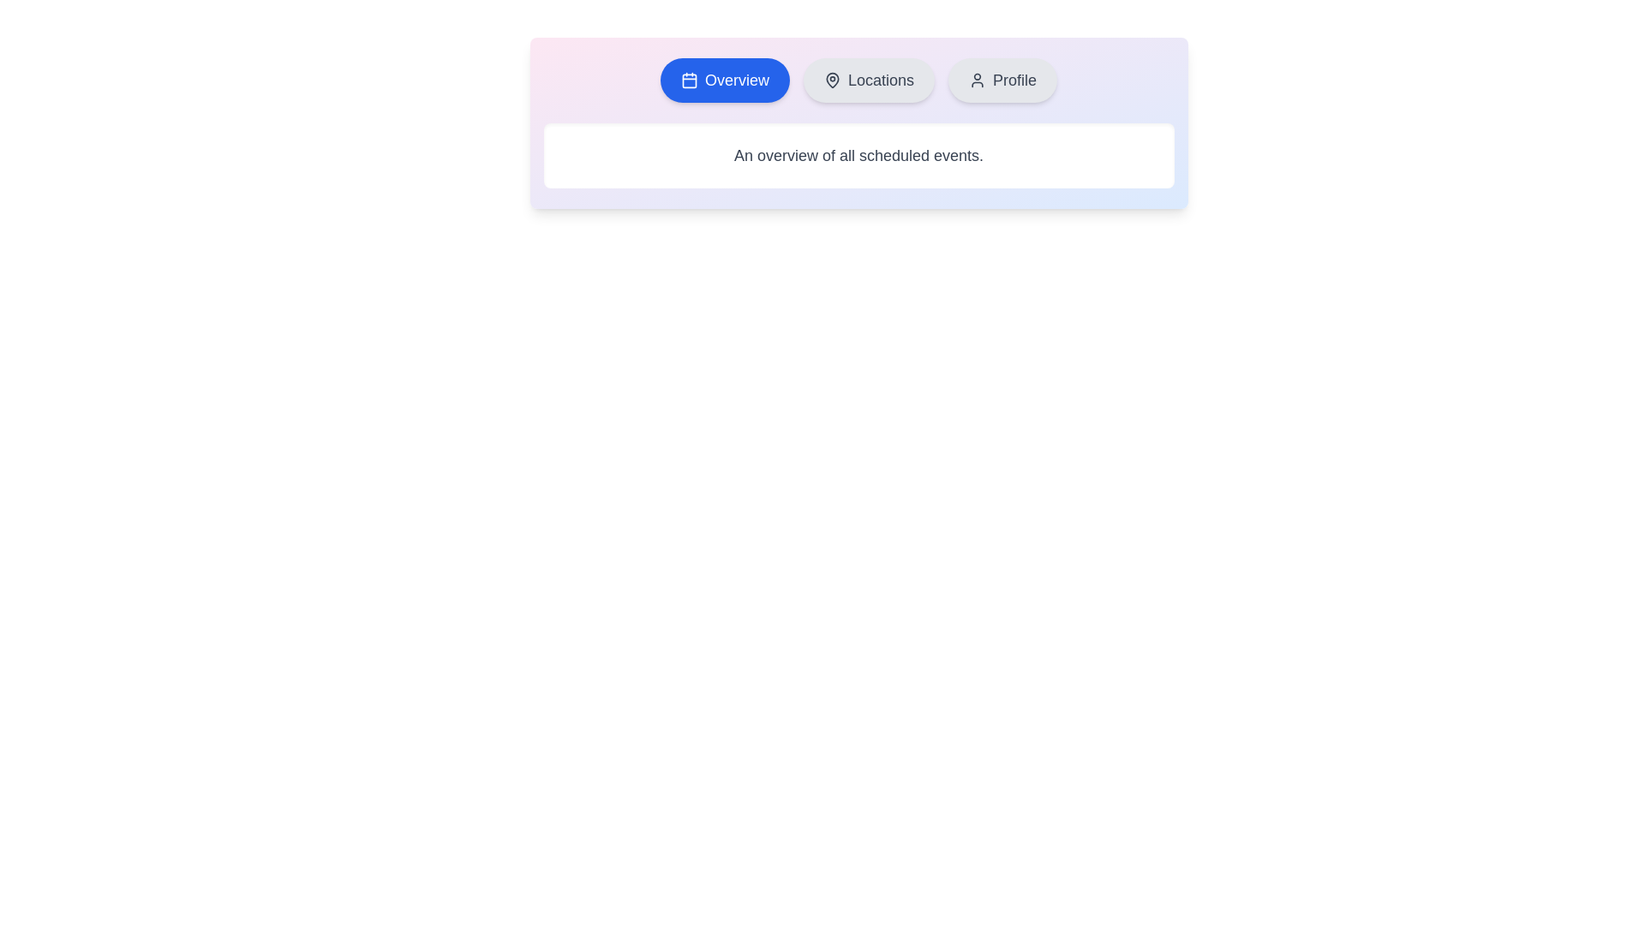 Image resolution: width=1645 pixels, height=925 pixels. What do you see at coordinates (868, 80) in the screenshot?
I see `the Locations tab to switch to its content` at bounding box center [868, 80].